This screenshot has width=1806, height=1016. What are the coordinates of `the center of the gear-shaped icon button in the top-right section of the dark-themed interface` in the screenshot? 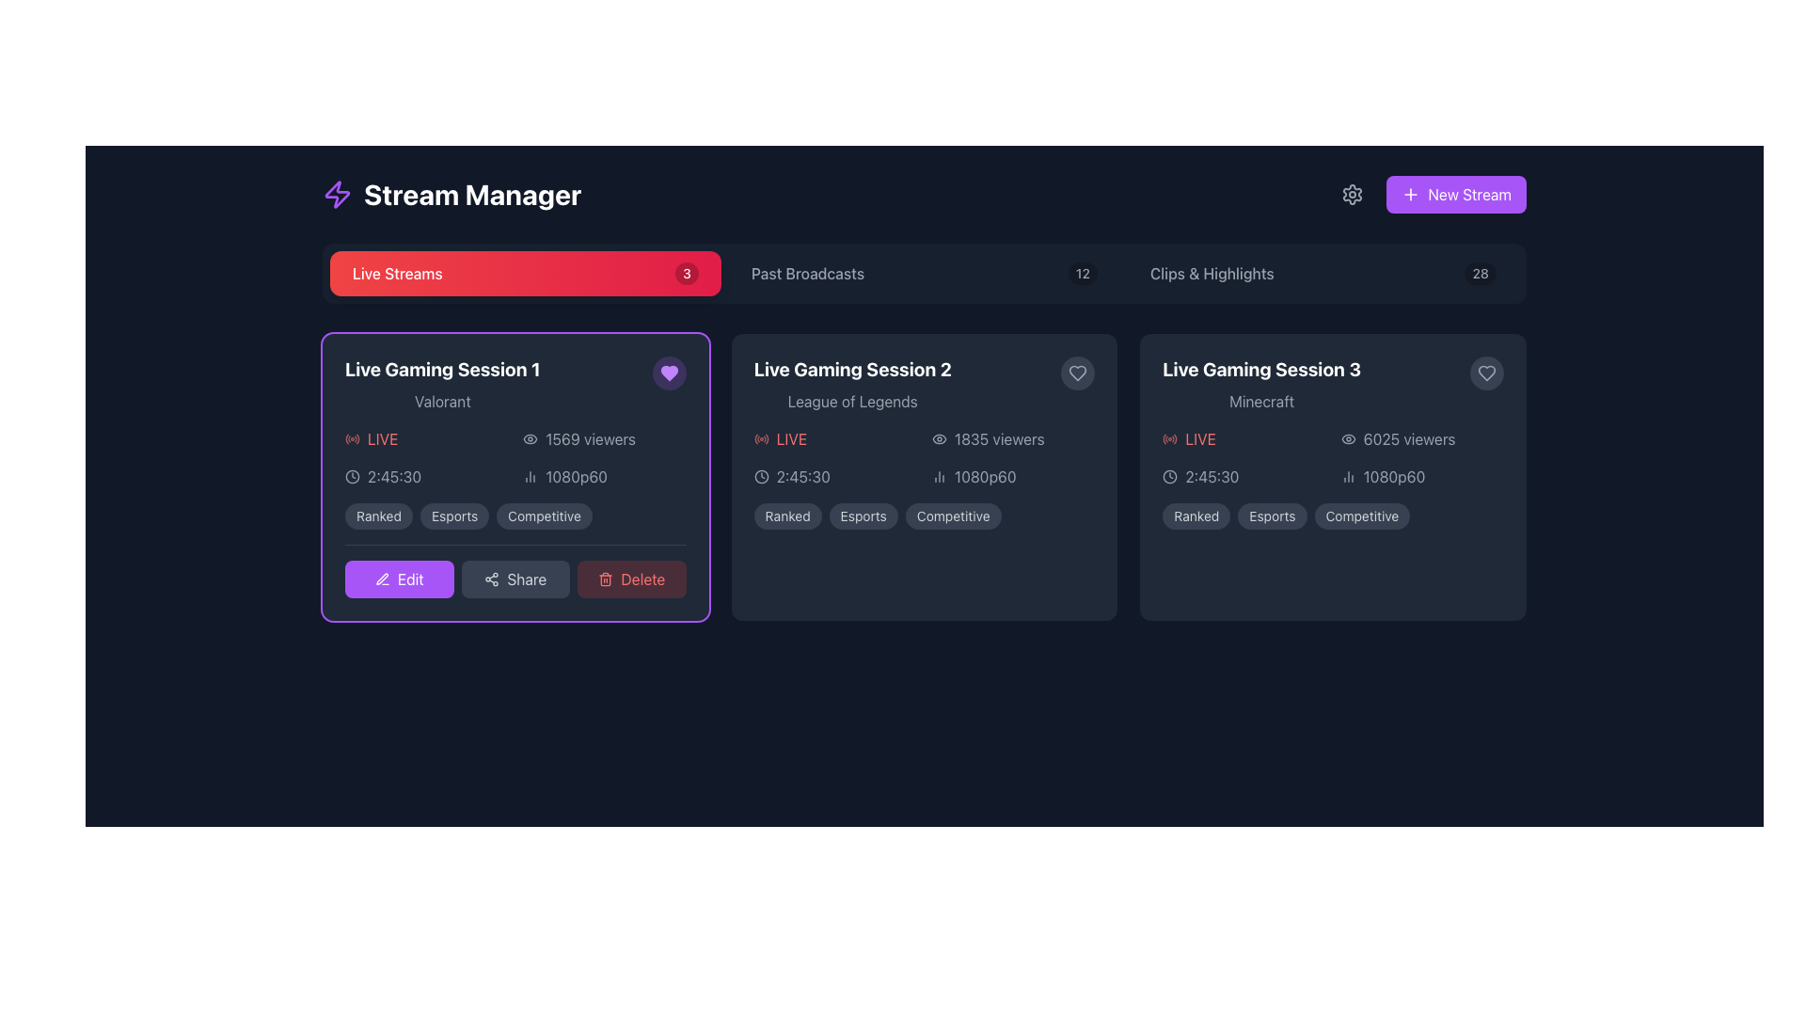 It's located at (1352, 195).